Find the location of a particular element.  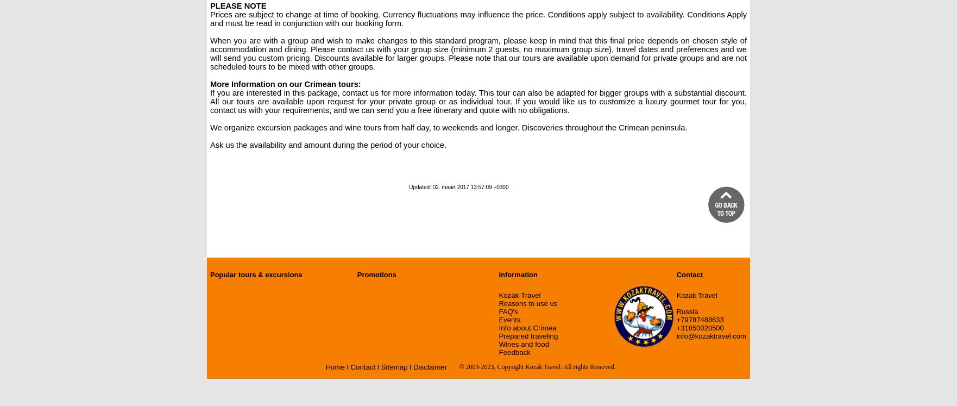

'Russia' is located at coordinates (687, 311).